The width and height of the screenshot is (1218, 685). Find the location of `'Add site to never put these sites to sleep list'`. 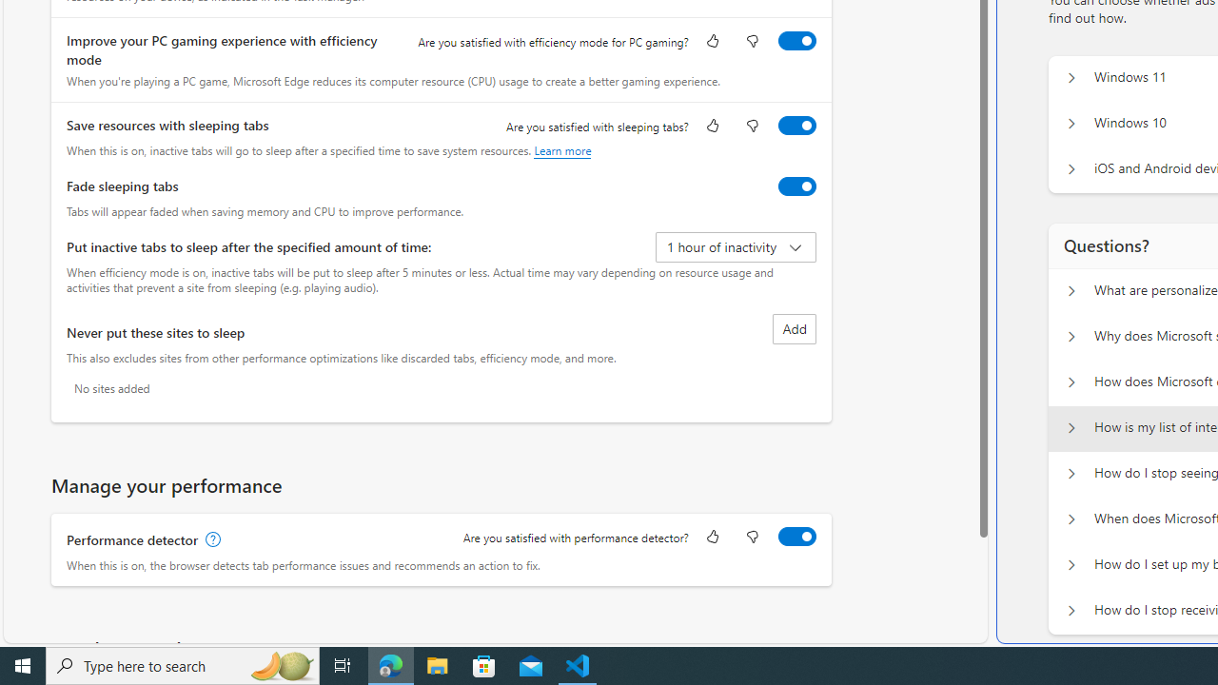

'Add site to never put these sites to sleep list' is located at coordinates (794, 327).